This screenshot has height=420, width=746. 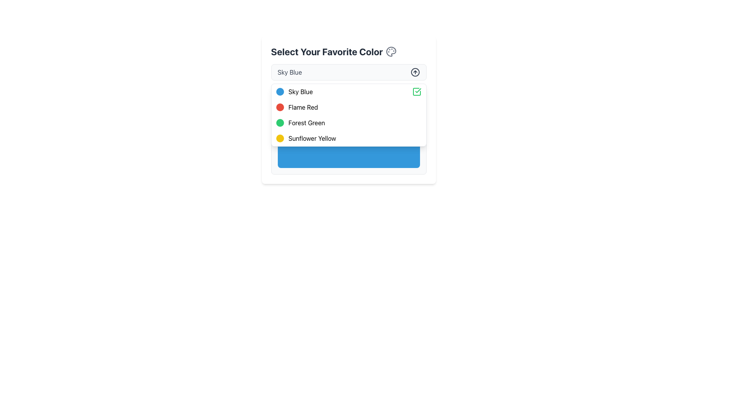 What do you see at coordinates (417, 90) in the screenshot?
I see `the green checkmark icon in the dropdown menu` at bounding box center [417, 90].